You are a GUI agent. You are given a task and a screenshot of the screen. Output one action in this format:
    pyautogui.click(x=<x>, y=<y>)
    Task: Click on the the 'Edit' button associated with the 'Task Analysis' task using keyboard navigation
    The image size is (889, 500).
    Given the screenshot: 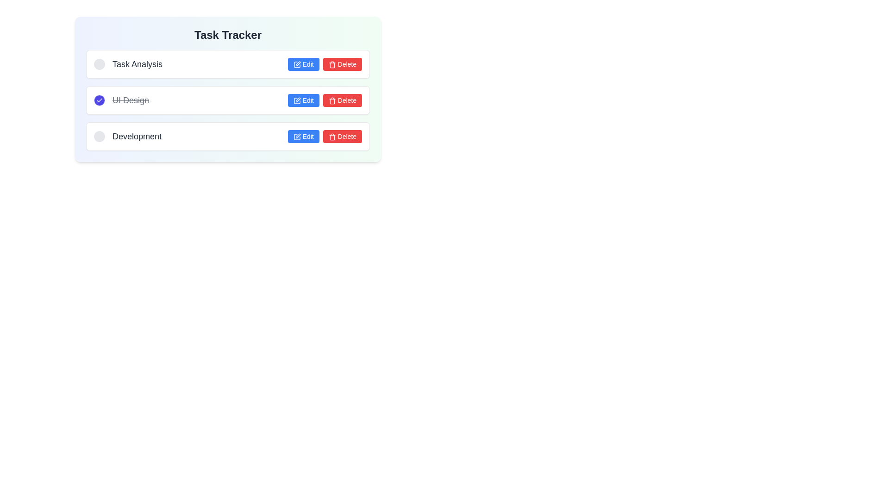 What is the action you would take?
    pyautogui.click(x=303, y=63)
    